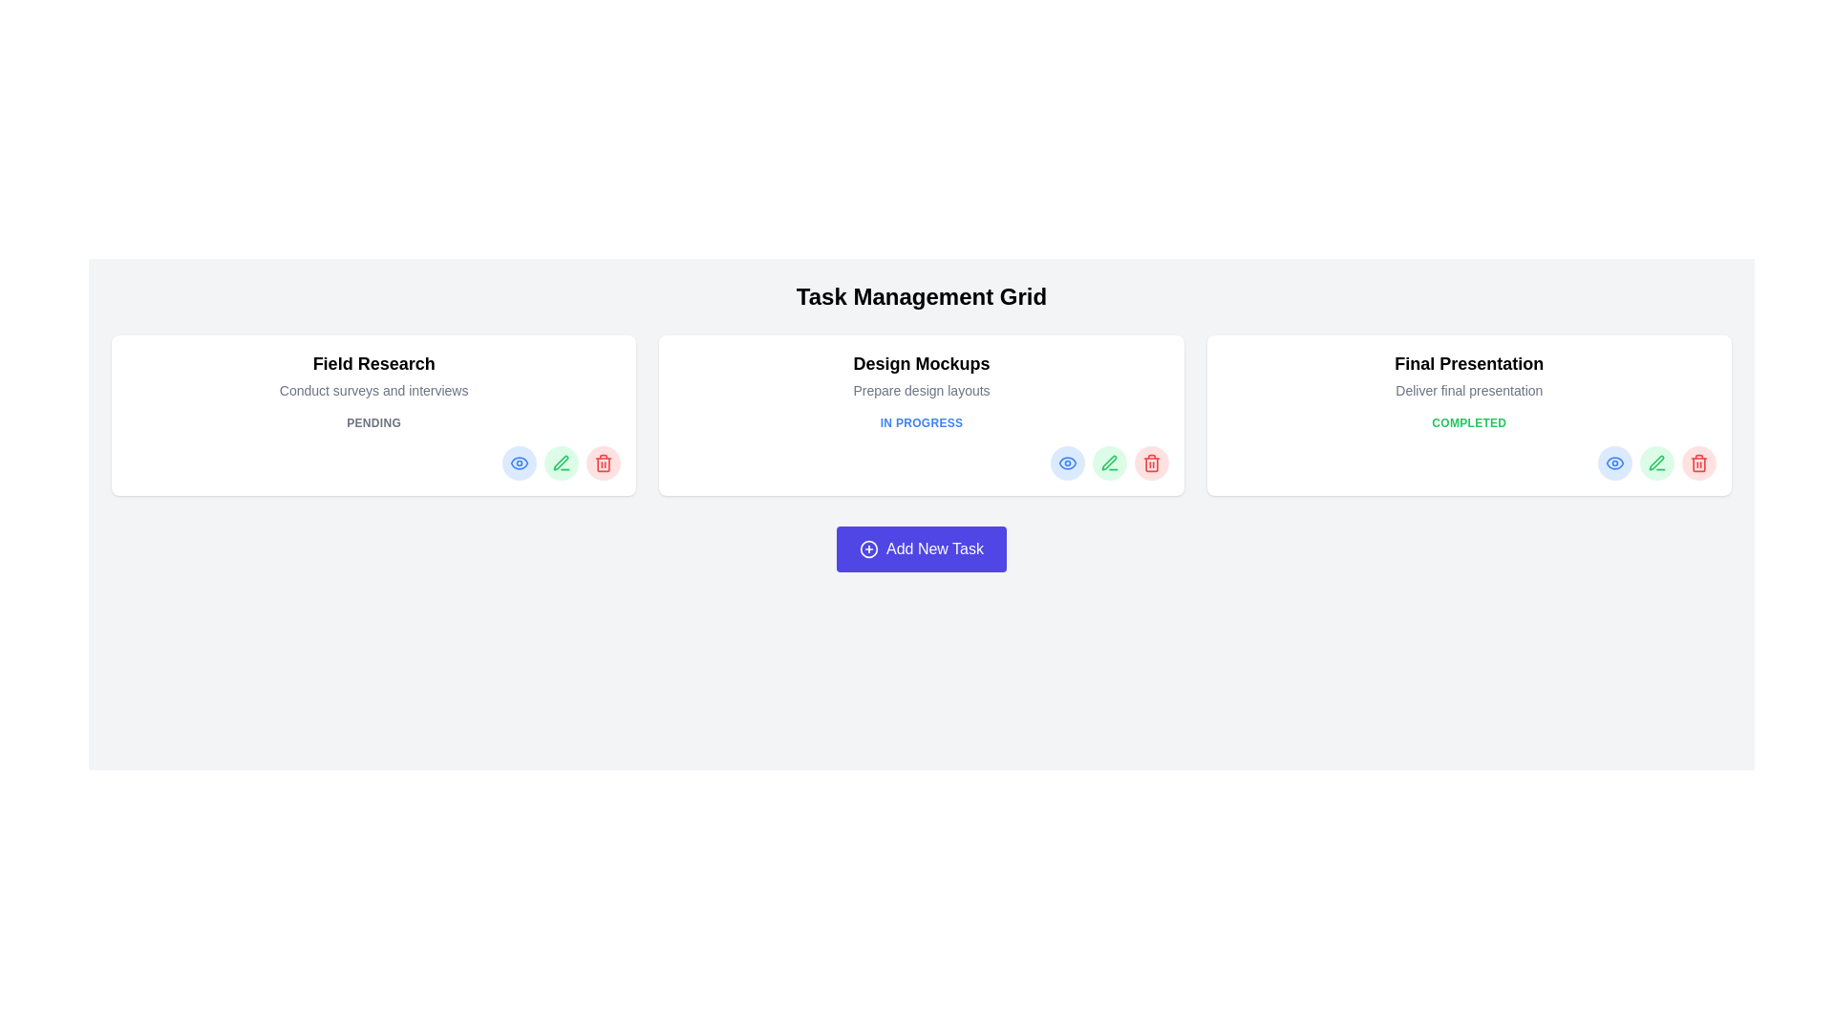 The width and height of the screenshot is (1834, 1032). I want to click on the delete button for the 'Design Mockups' task, so click(1150, 463).